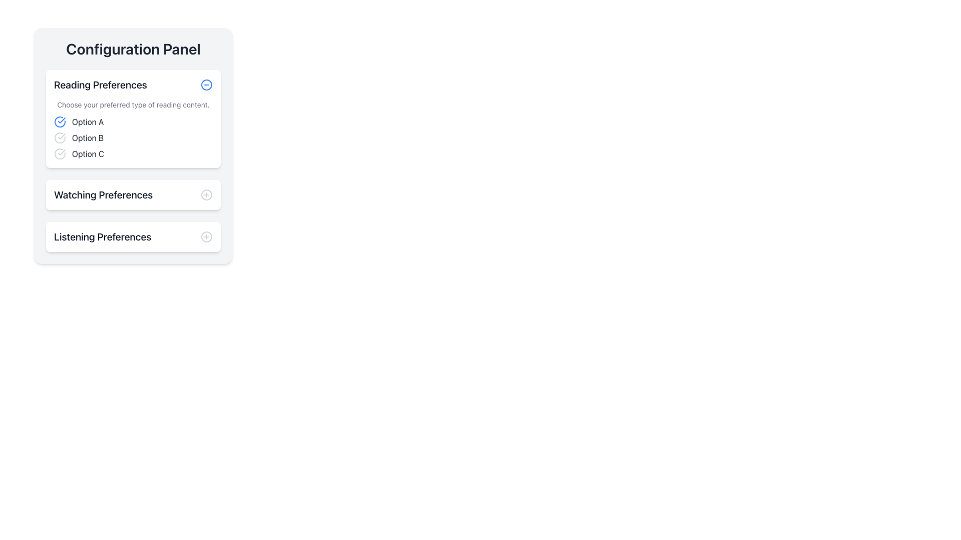 This screenshot has height=540, width=961. Describe the element at coordinates (133, 237) in the screenshot. I see `the 'Listening Preferences' button, which features a '+' icon for additional configuration options` at that location.